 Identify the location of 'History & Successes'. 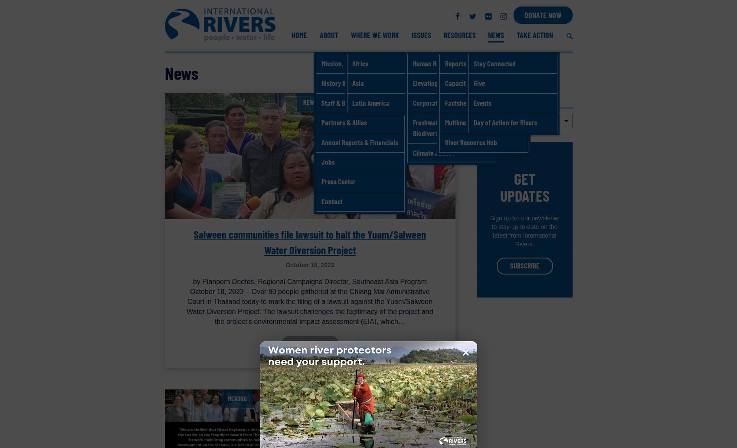
(348, 82).